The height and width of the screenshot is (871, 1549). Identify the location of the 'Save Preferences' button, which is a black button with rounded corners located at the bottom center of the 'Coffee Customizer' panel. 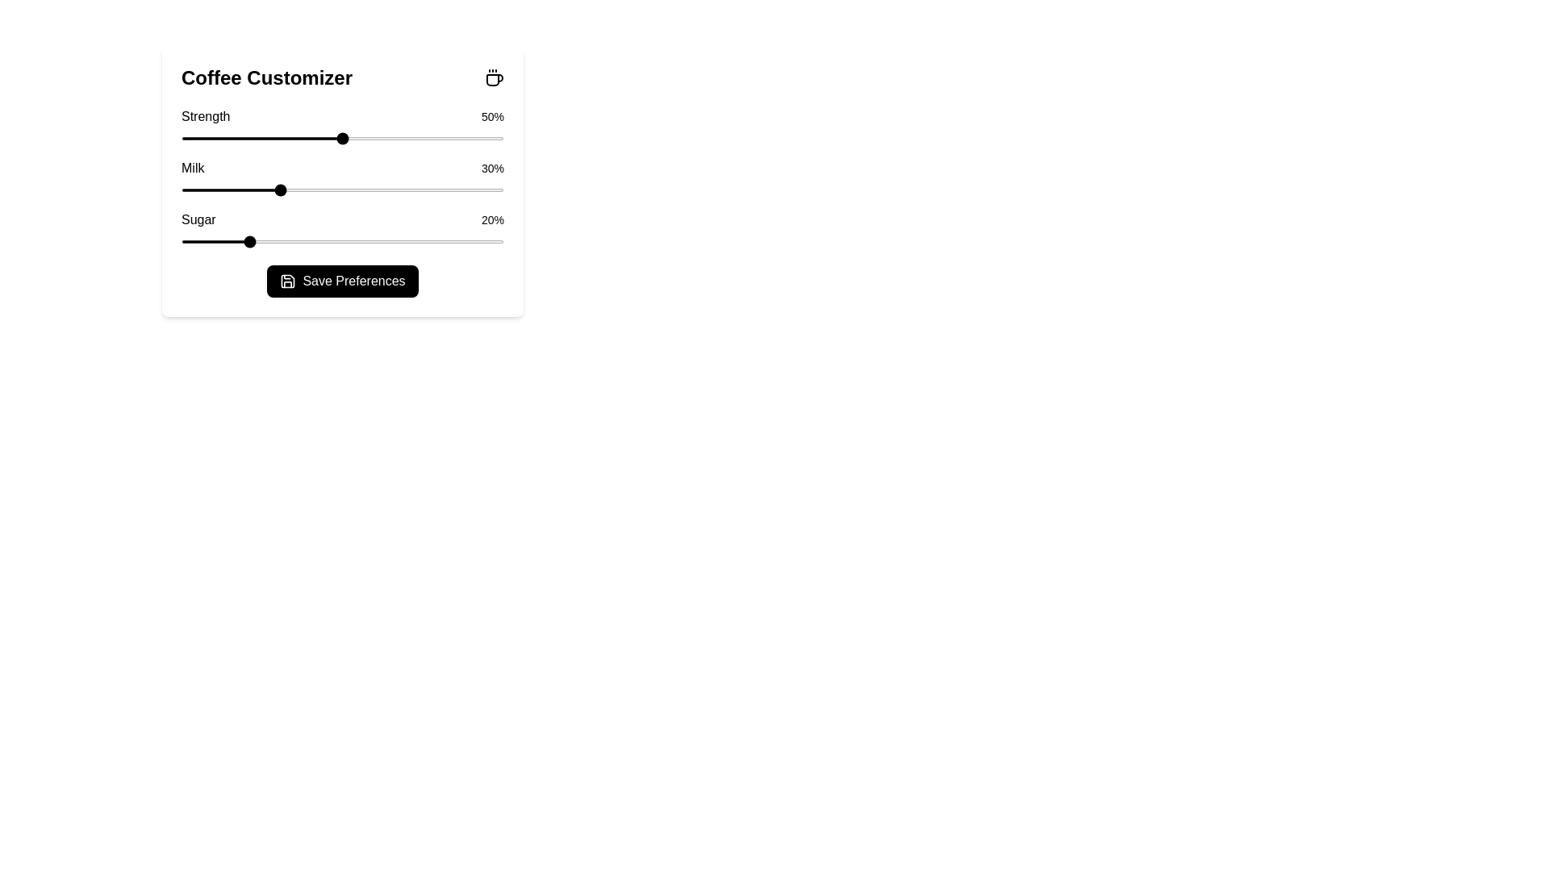
(342, 280).